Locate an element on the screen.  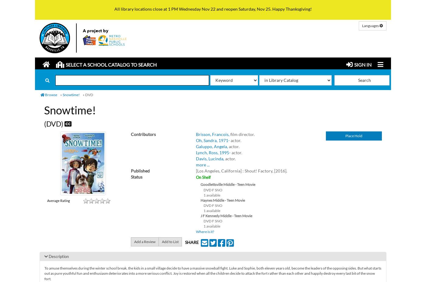
'Limitless Libraries' is located at coordinates (315, 96).